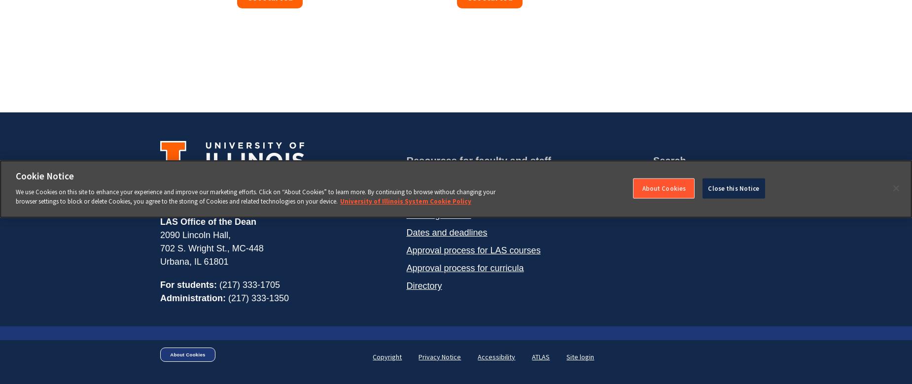  I want to click on 'Directory', so click(424, 285).